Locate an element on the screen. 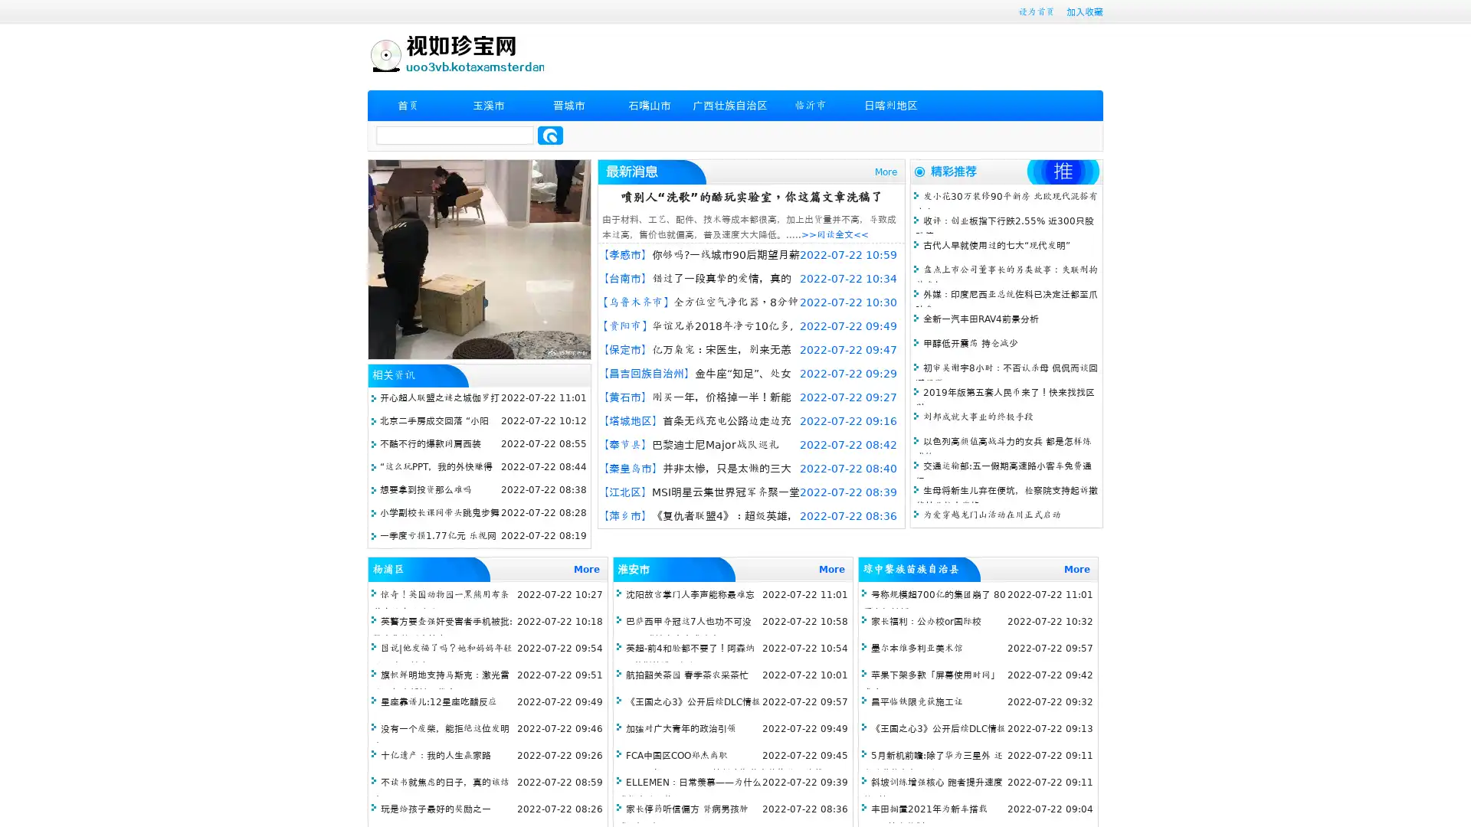  Search is located at coordinates (550, 135).